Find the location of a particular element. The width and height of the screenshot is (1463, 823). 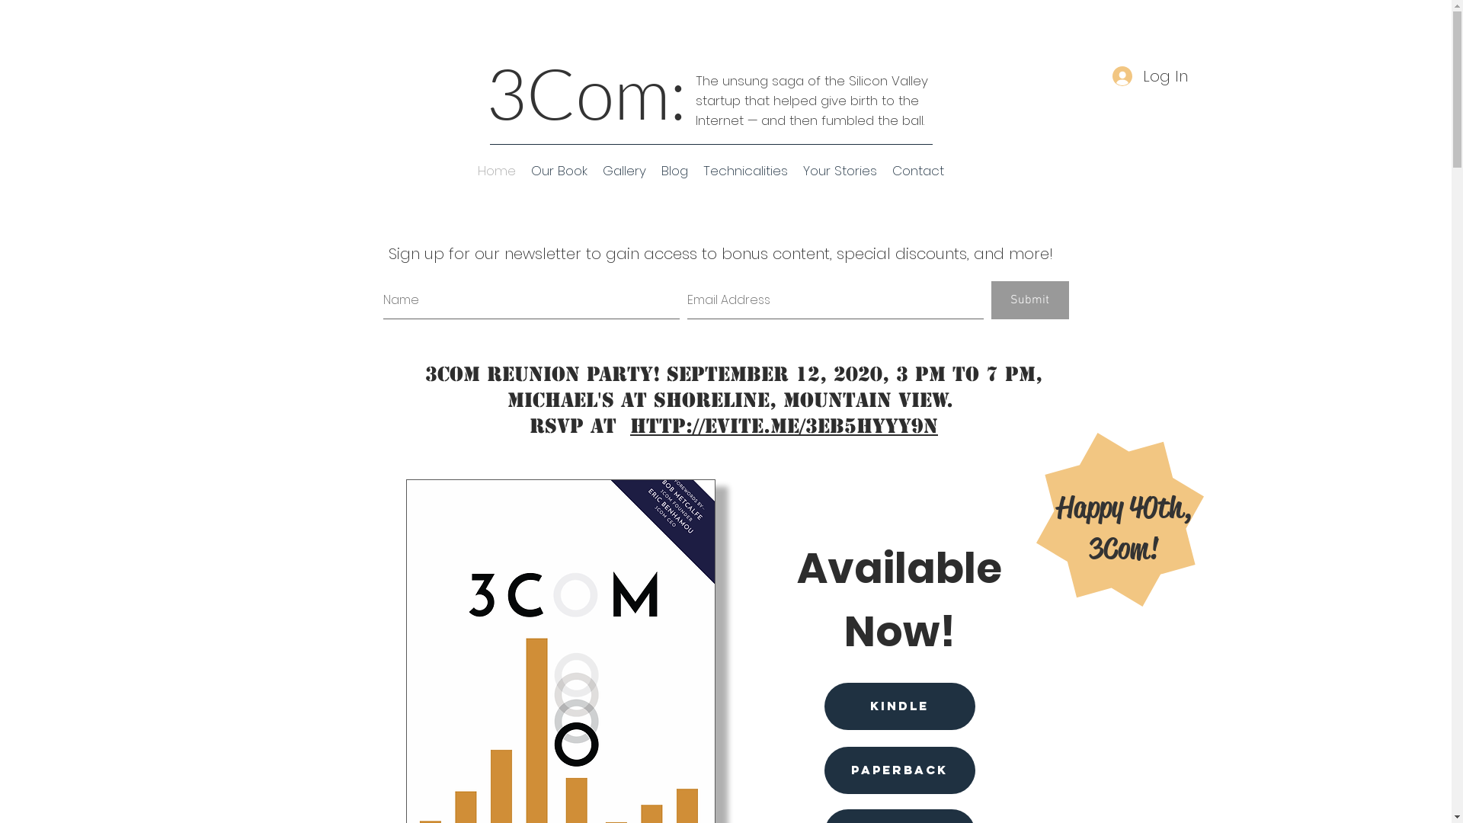

'http://evite.me/3EB5HYYy9N' is located at coordinates (783, 426).